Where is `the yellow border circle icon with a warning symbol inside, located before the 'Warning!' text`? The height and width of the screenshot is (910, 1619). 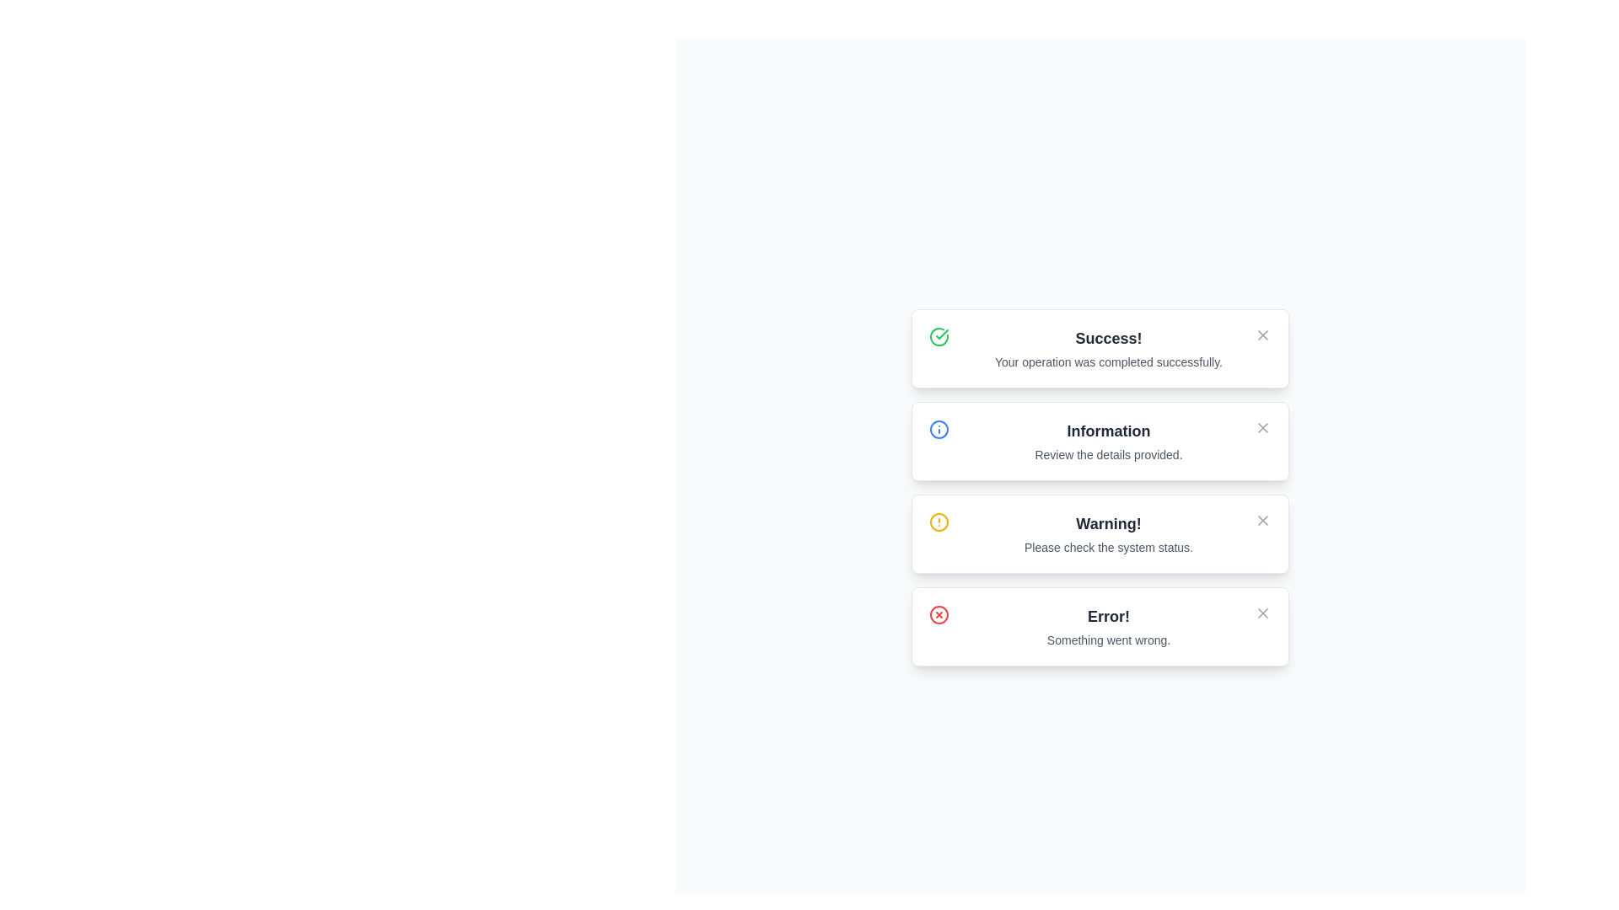
the yellow border circle icon with a warning symbol inside, located before the 'Warning!' text is located at coordinates (938, 522).